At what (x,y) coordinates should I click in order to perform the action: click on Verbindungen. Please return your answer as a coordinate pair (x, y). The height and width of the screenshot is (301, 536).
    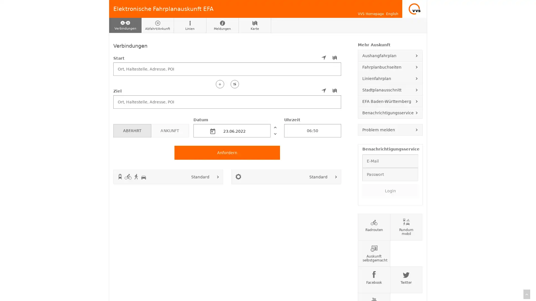
    Looking at the image, I should click on (125, 25).